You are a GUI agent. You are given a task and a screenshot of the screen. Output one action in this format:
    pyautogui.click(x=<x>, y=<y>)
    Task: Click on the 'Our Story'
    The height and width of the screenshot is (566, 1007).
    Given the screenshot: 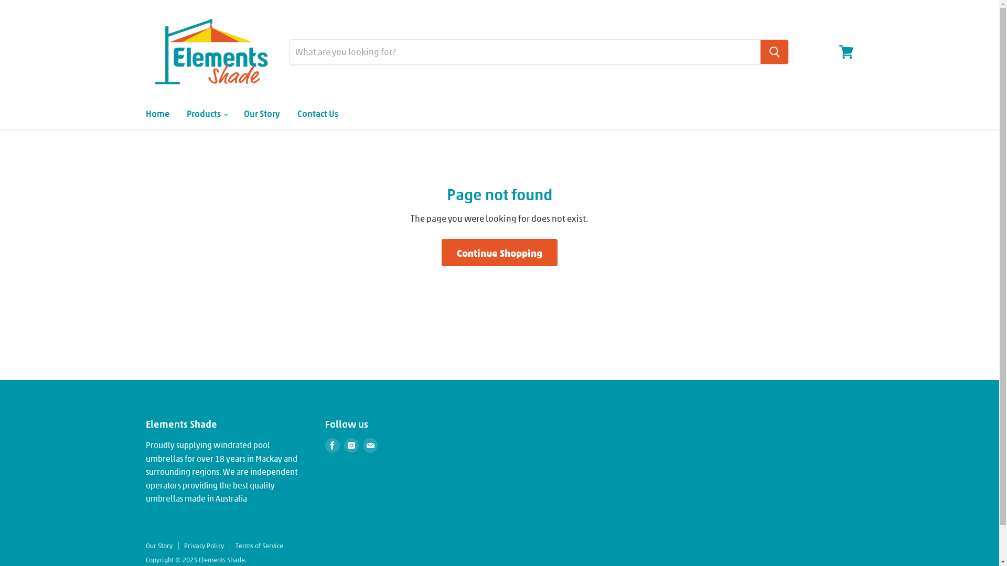 What is the action you would take?
    pyautogui.click(x=158, y=545)
    